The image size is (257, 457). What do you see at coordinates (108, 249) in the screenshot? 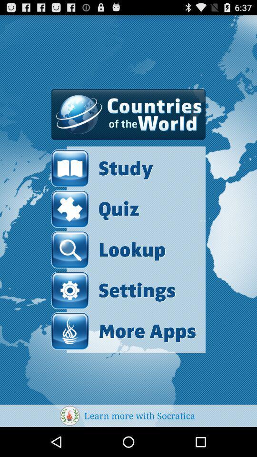
I see `item below quiz icon` at bounding box center [108, 249].